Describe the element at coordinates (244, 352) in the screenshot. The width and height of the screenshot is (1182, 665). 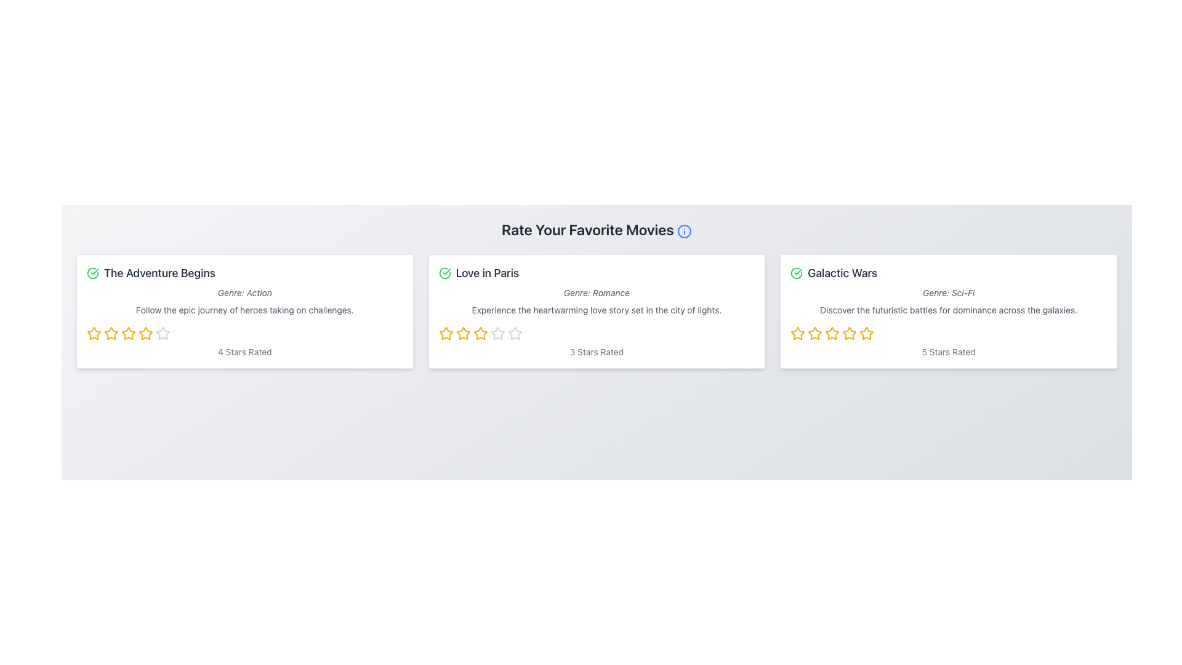
I see `the text display that shows '4 Stars Rated', which is located beneath the star rating display in the card titled 'The Adventure Begins'` at that location.